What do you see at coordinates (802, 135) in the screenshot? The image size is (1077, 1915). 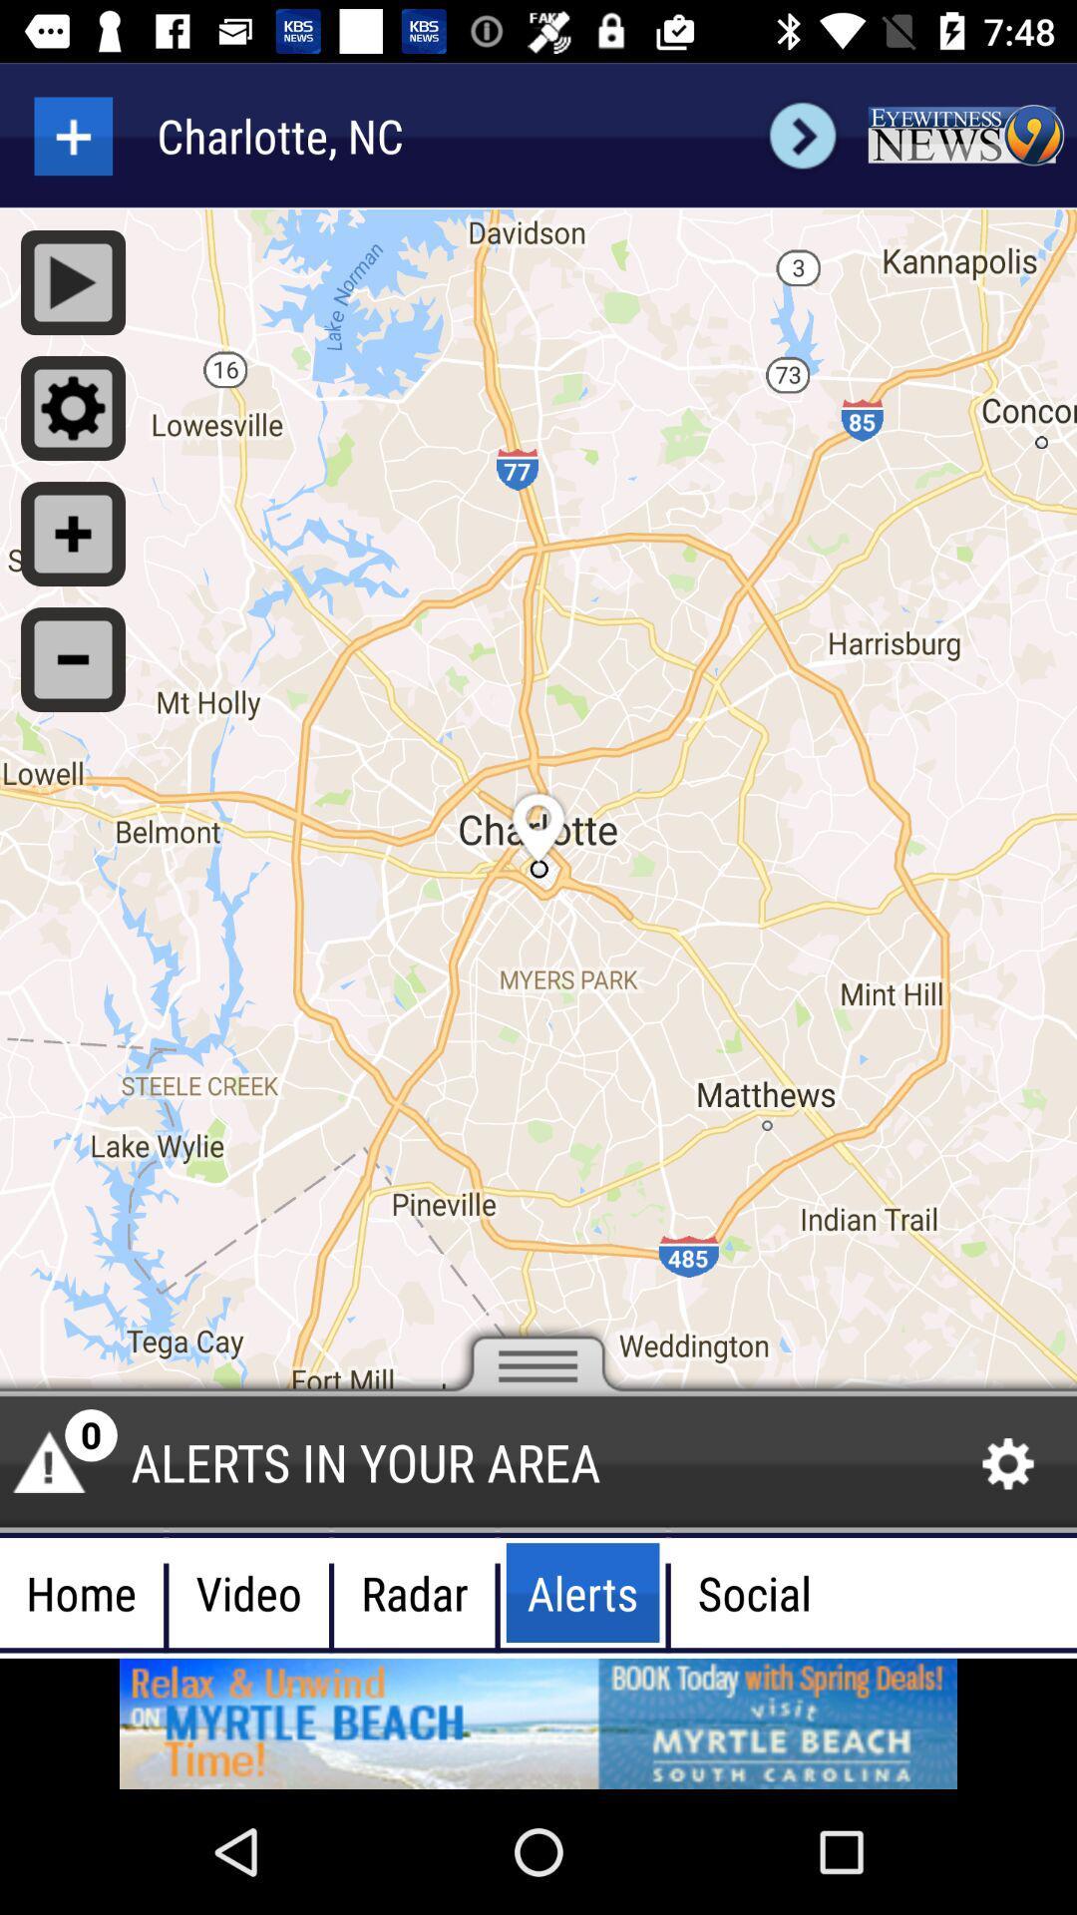 I see `next` at bounding box center [802, 135].